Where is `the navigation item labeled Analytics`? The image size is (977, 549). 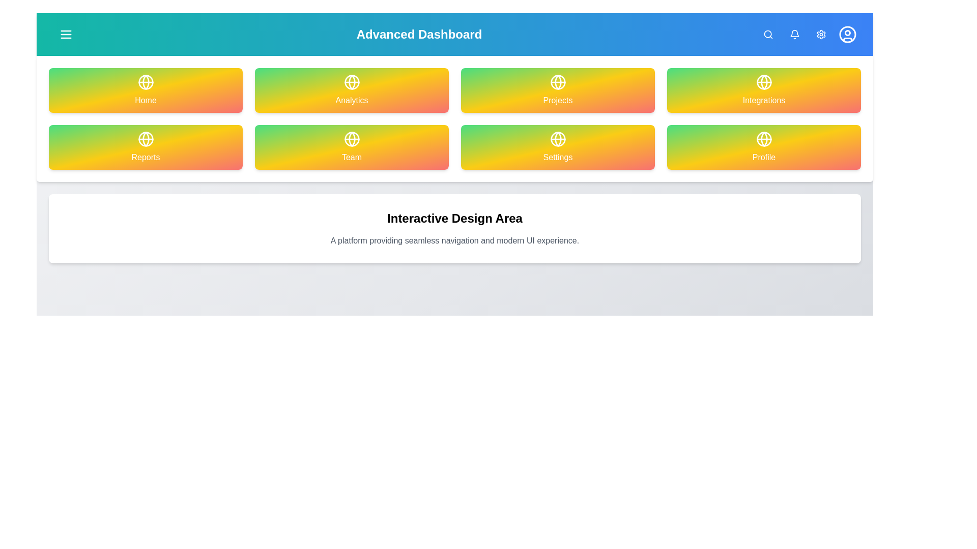
the navigation item labeled Analytics is located at coordinates (352, 89).